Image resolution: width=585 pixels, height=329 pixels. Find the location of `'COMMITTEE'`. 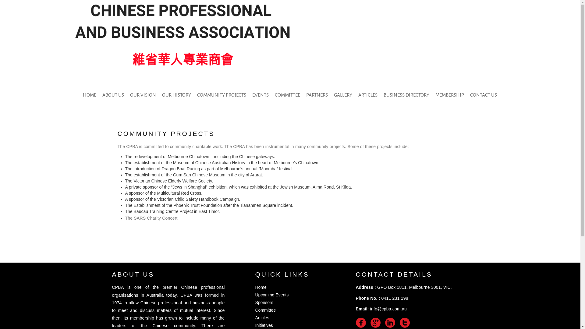

'COMMITTEE' is located at coordinates (271, 95).